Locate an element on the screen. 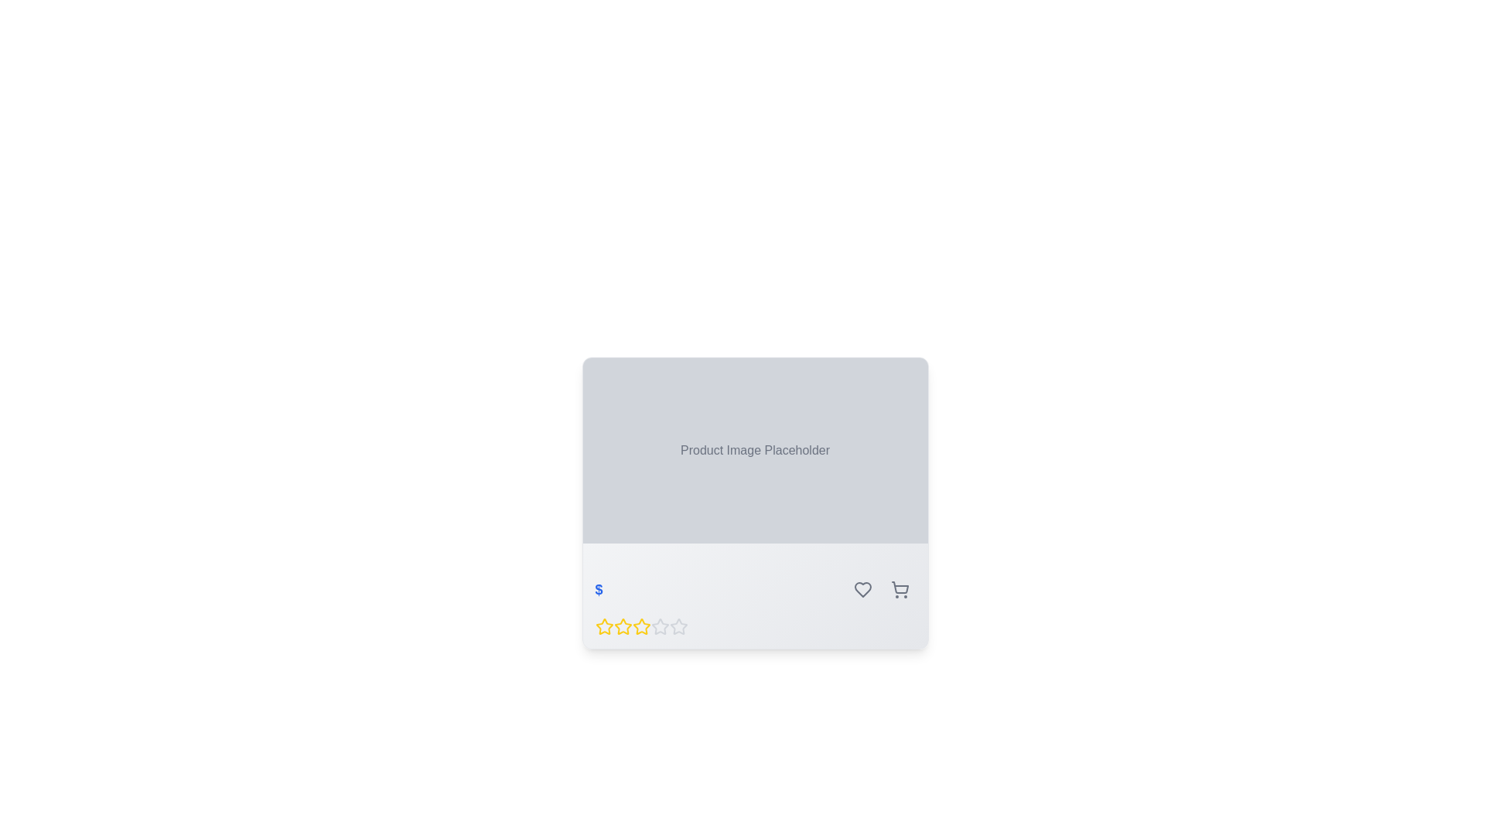 The width and height of the screenshot is (1485, 835). the fifth star icon is located at coordinates (678, 626).